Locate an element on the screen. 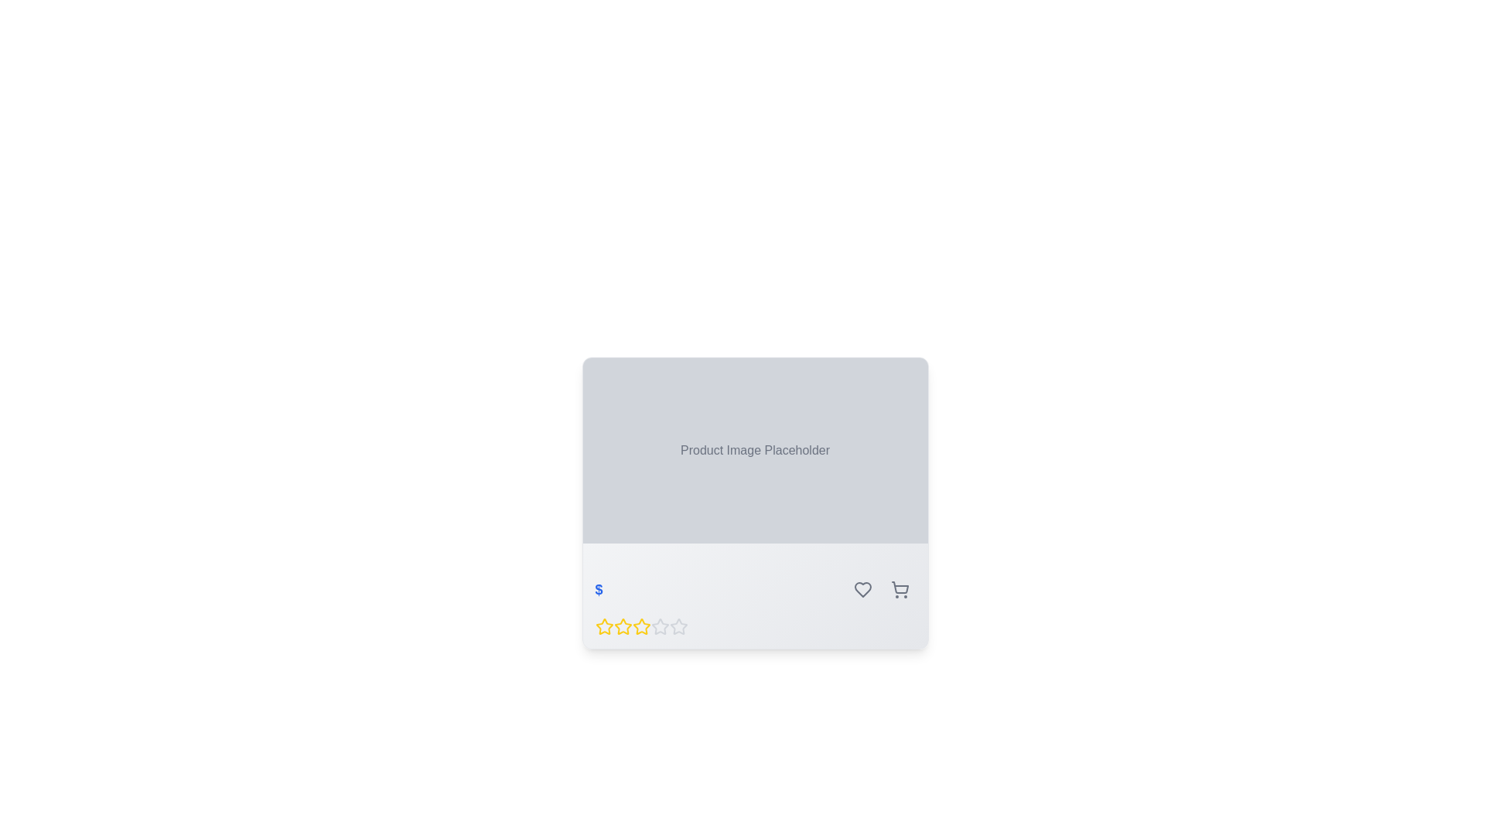 The width and height of the screenshot is (1485, 835). the fifth star icon is located at coordinates (678, 626).